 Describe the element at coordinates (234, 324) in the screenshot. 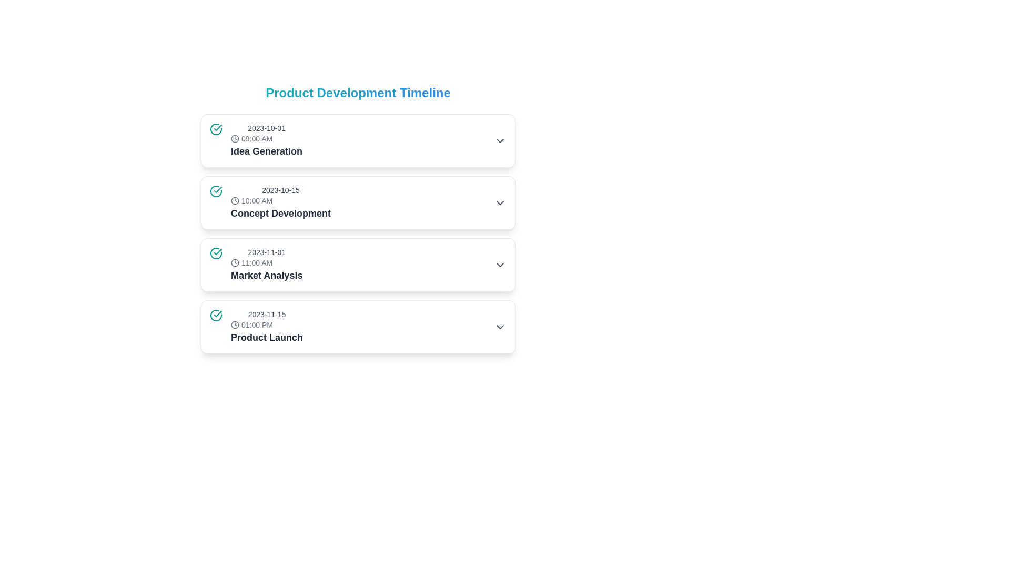

I see `the first circular icon of the clock graphic associated with the 'Product Launch' timeline, located next to the date and time text '2023-11-15' and '01:00 PM'` at that location.